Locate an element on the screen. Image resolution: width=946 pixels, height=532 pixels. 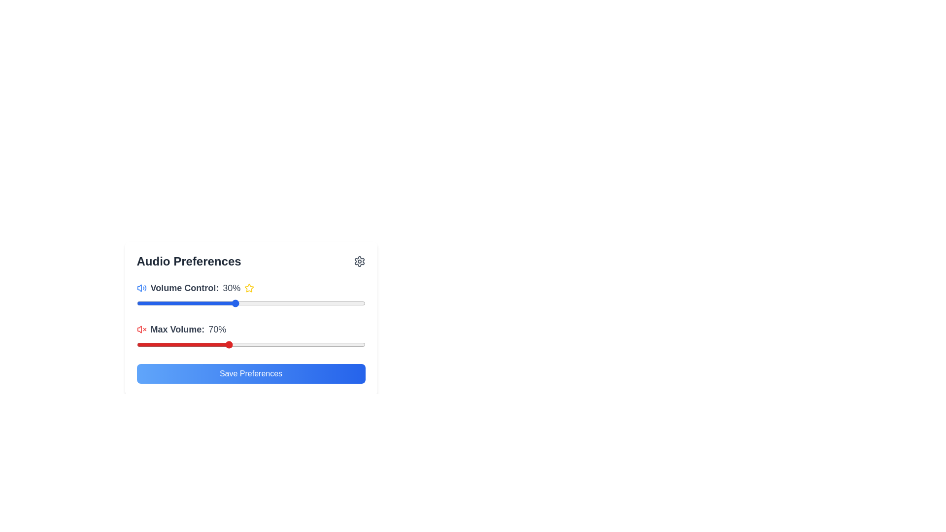
the volume control slider, which displays 'Max Volume: 70%' is located at coordinates (251, 337).